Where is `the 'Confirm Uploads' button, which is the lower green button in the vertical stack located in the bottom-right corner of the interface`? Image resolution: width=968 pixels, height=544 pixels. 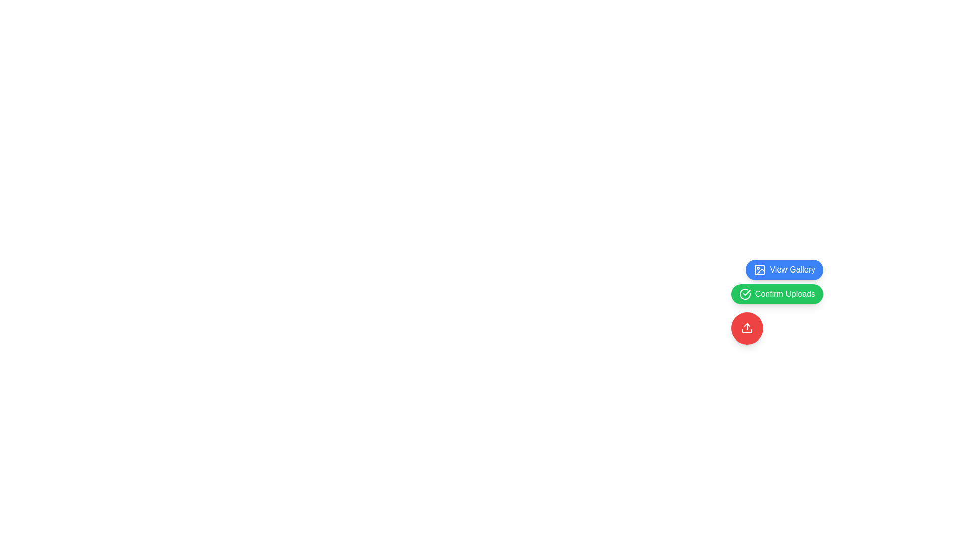
the 'Confirm Uploads' button, which is the lower green button in the vertical stack located in the bottom-right corner of the interface is located at coordinates (776, 282).